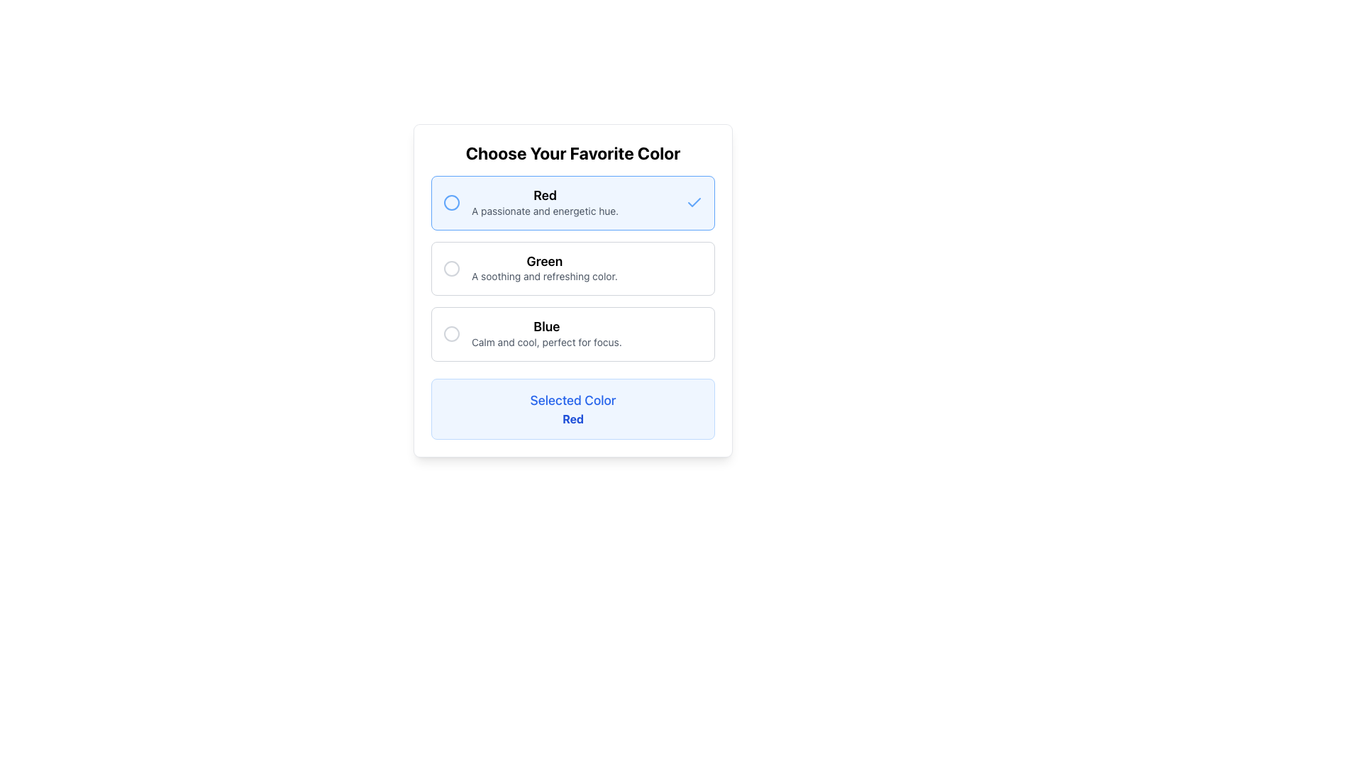 The width and height of the screenshot is (1362, 766). What do you see at coordinates (451, 202) in the screenshot?
I see `the hollow blue circular SVG element next to the 'Red' option in the selection card interface` at bounding box center [451, 202].